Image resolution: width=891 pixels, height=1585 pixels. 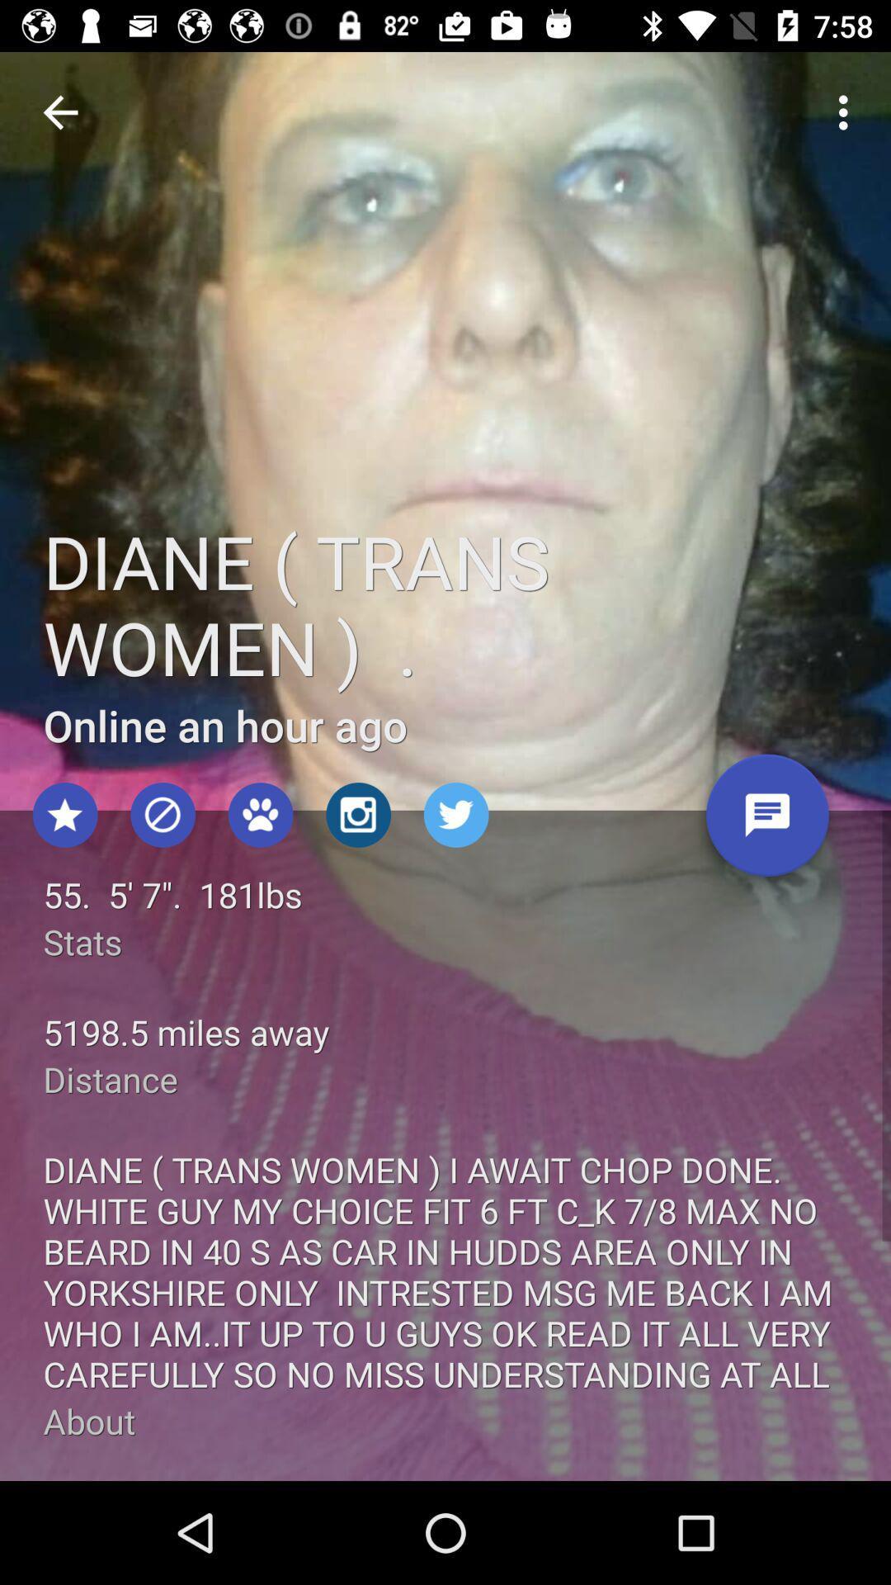 What do you see at coordinates (456, 815) in the screenshot?
I see `the twitter icon` at bounding box center [456, 815].